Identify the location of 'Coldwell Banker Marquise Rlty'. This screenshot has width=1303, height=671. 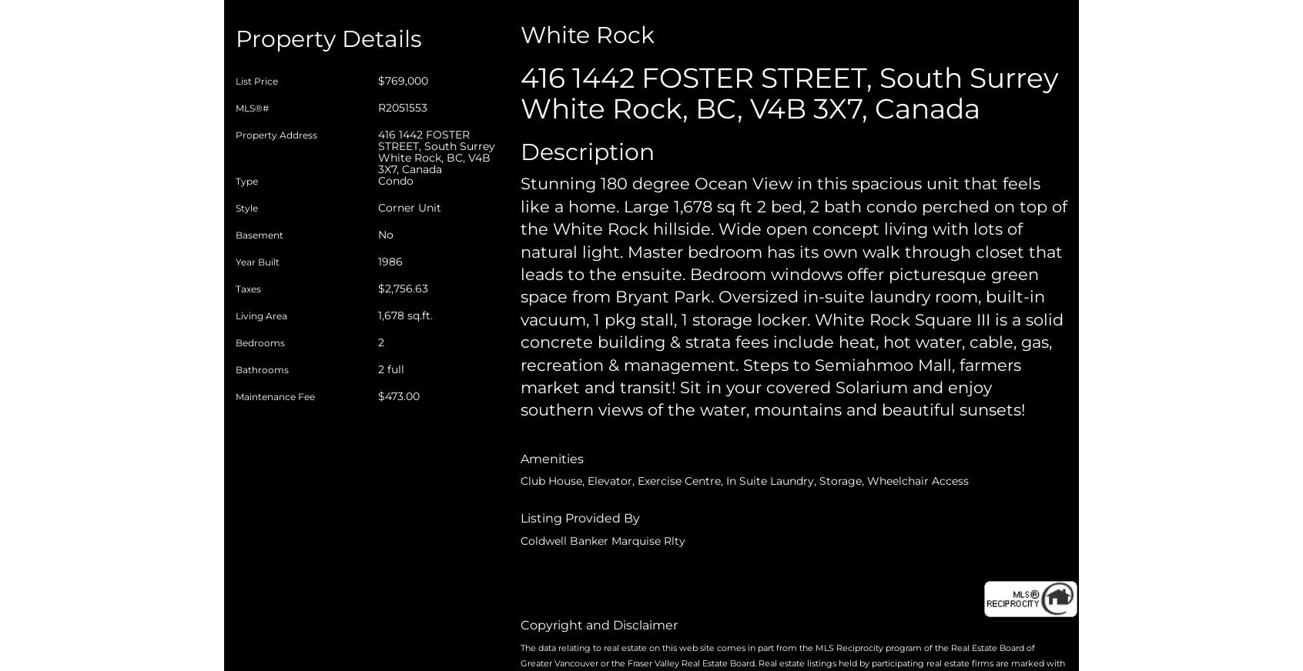
(603, 539).